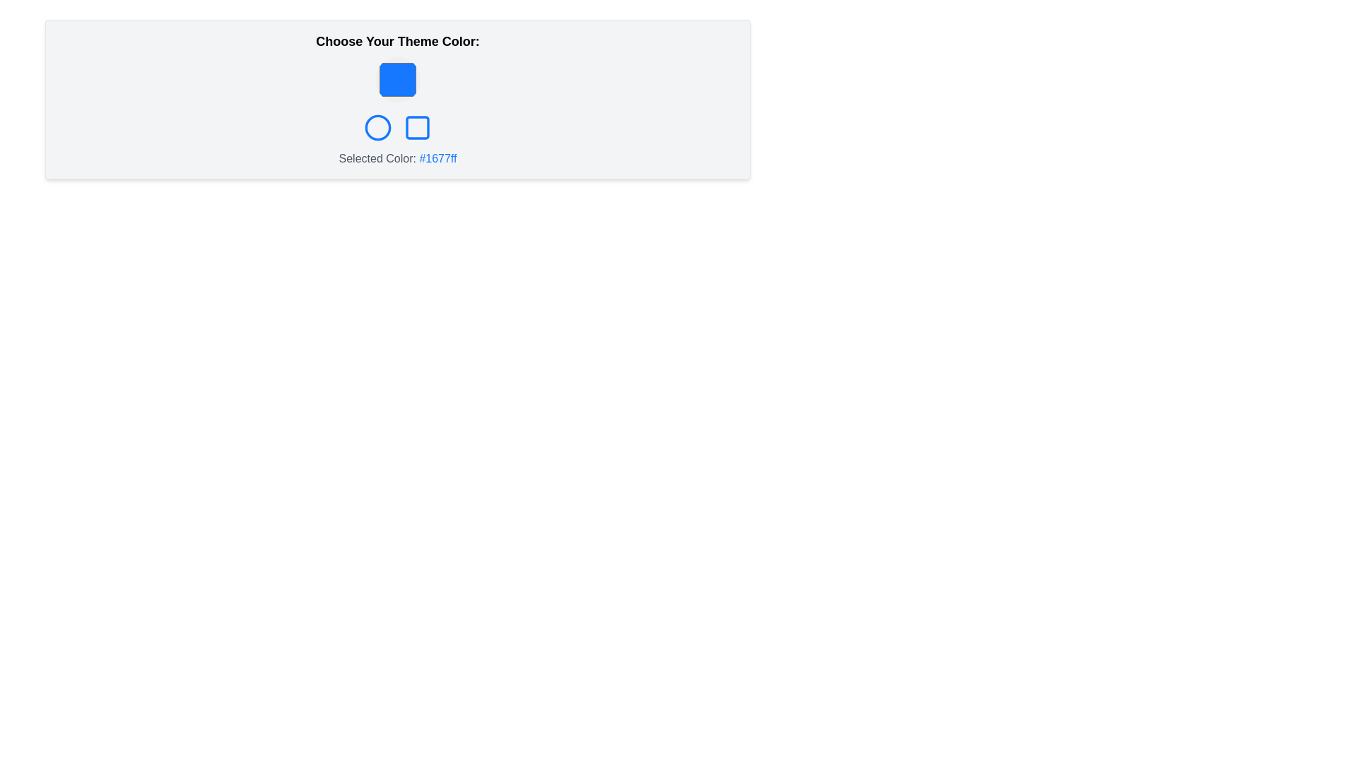  I want to click on small square with rounded corners that is filled with the current theme color, located inside the second icon of the color theme selection interface, so click(416, 128).